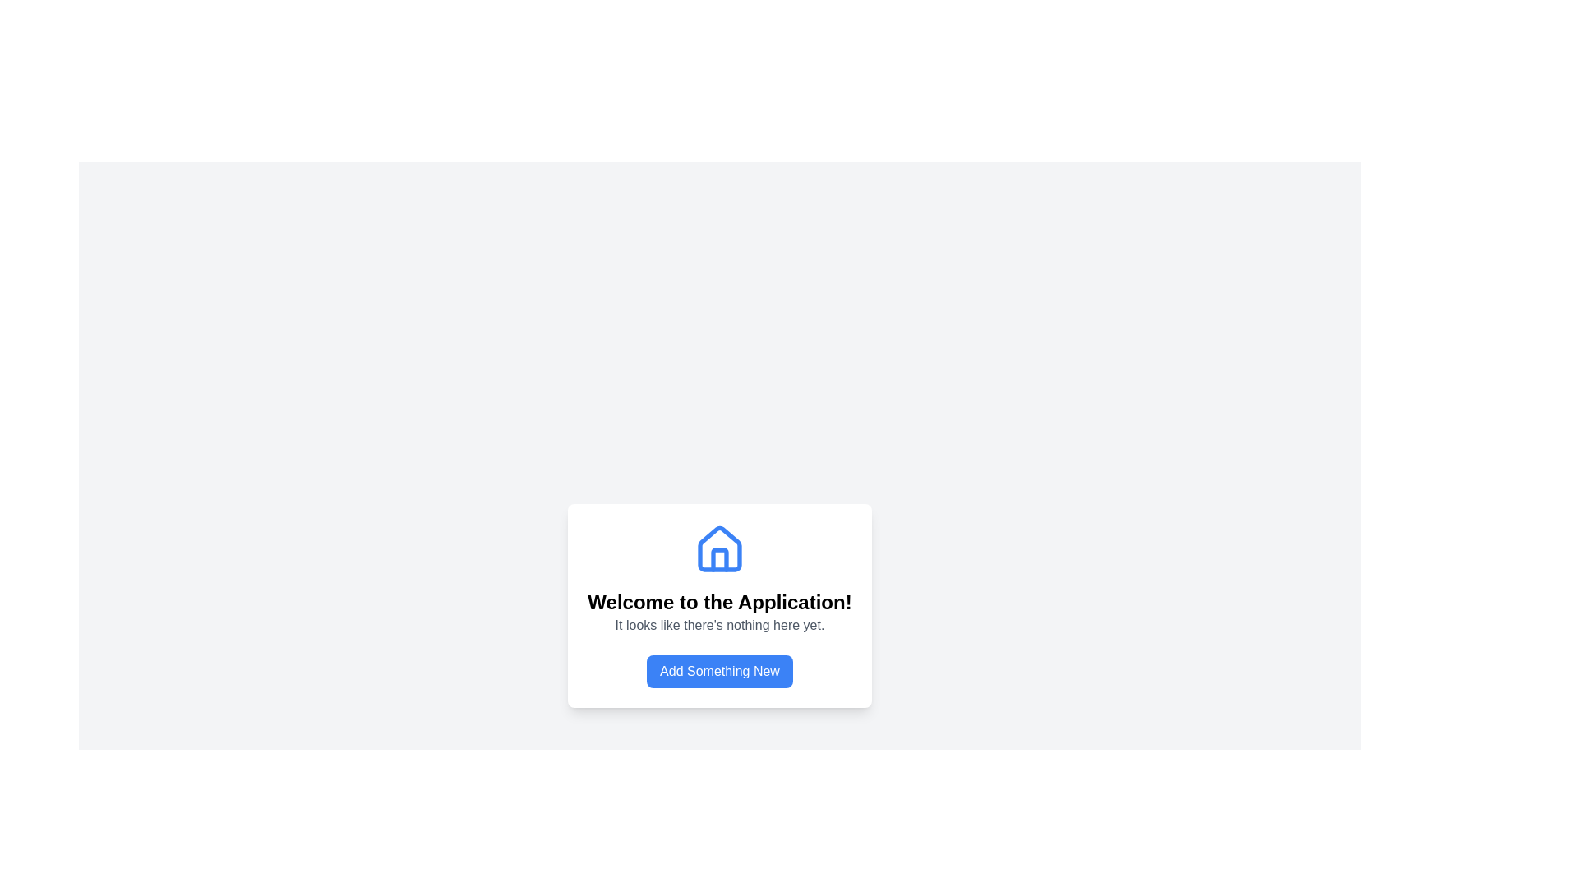 This screenshot has width=1578, height=888. I want to click on the text label that reads 'It looks like there's nothing here yet.' which is centrally aligned and positioned beneath the title 'Welcome to the Application!' and above the button 'Add Something New.', so click(719, 625).